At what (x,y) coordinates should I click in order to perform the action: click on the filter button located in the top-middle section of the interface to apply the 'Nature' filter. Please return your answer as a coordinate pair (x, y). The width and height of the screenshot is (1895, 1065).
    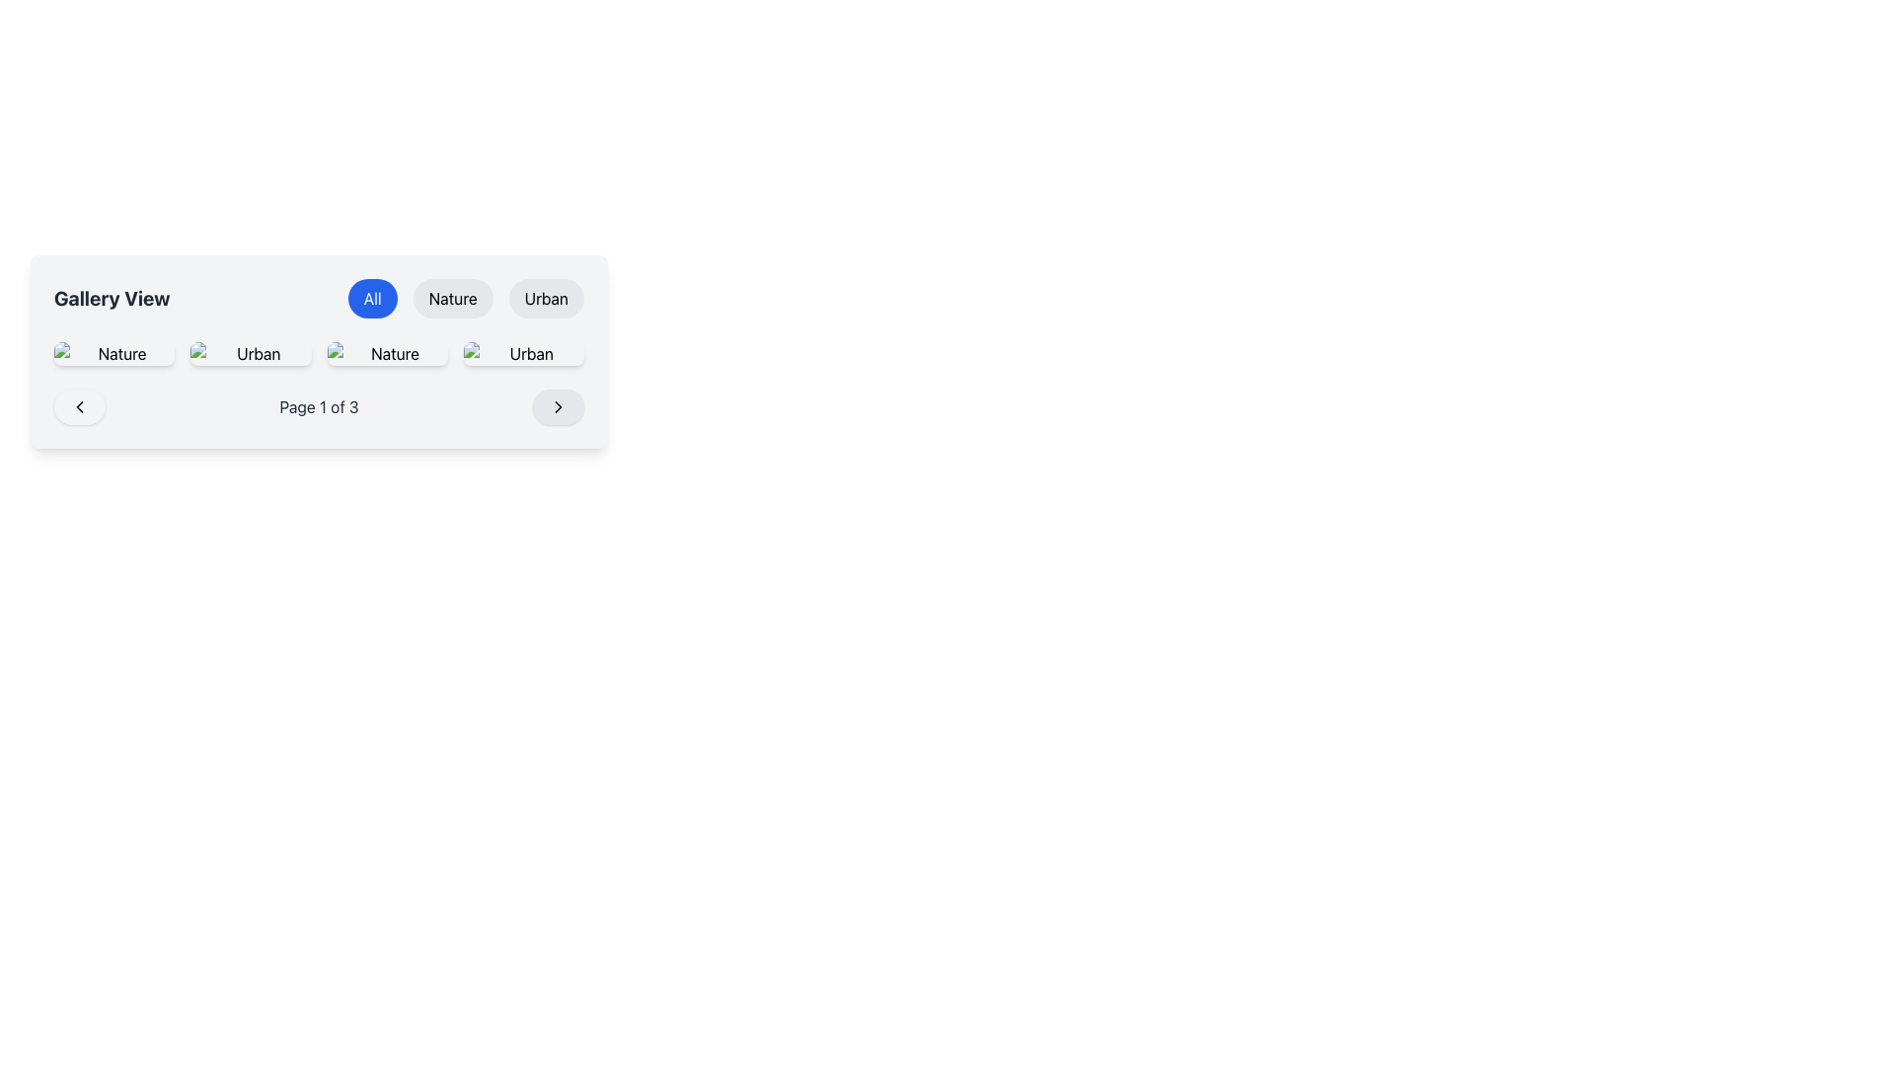
    Looking at the image, I should click on (452, 299).